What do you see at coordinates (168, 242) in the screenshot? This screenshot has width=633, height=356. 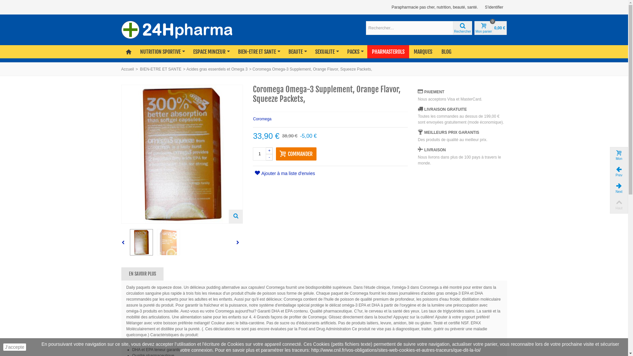 I see `'Coromega Omega-3 Supplement, Orange Flavor, Squeeze Packets,'` at bounding box center [168, 242].